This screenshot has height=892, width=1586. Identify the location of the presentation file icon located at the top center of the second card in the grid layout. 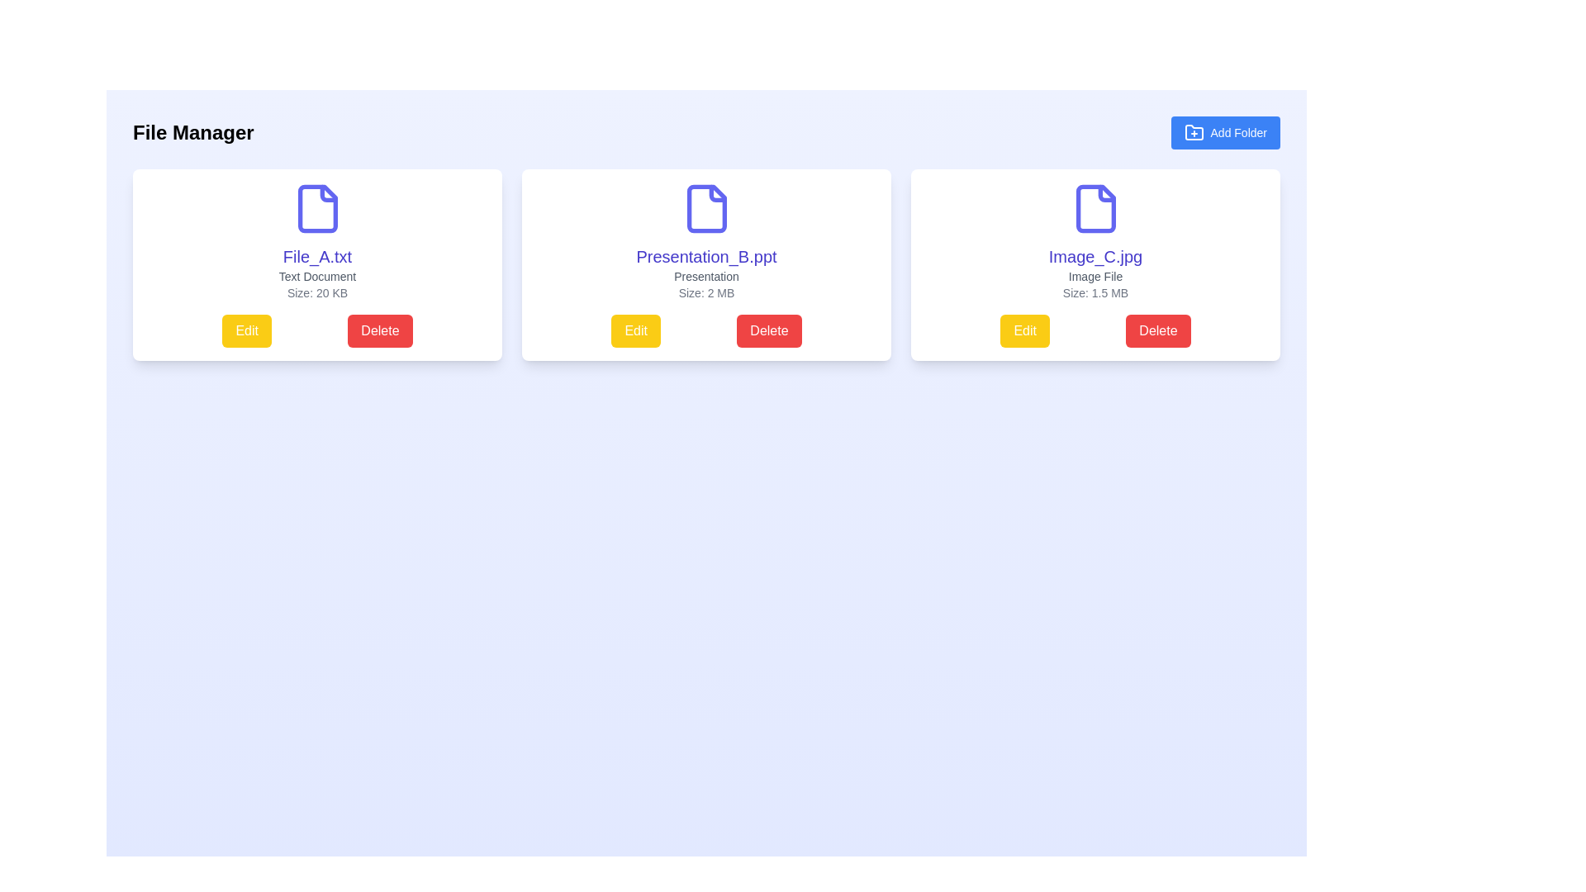
(706, 208).